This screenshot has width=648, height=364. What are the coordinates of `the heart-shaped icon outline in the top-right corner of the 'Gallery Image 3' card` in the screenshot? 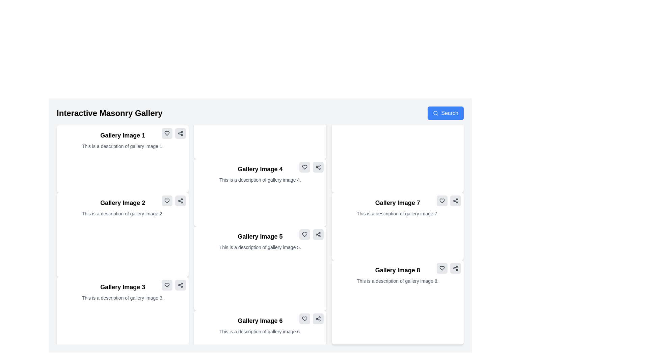 It's located at (167, 201).